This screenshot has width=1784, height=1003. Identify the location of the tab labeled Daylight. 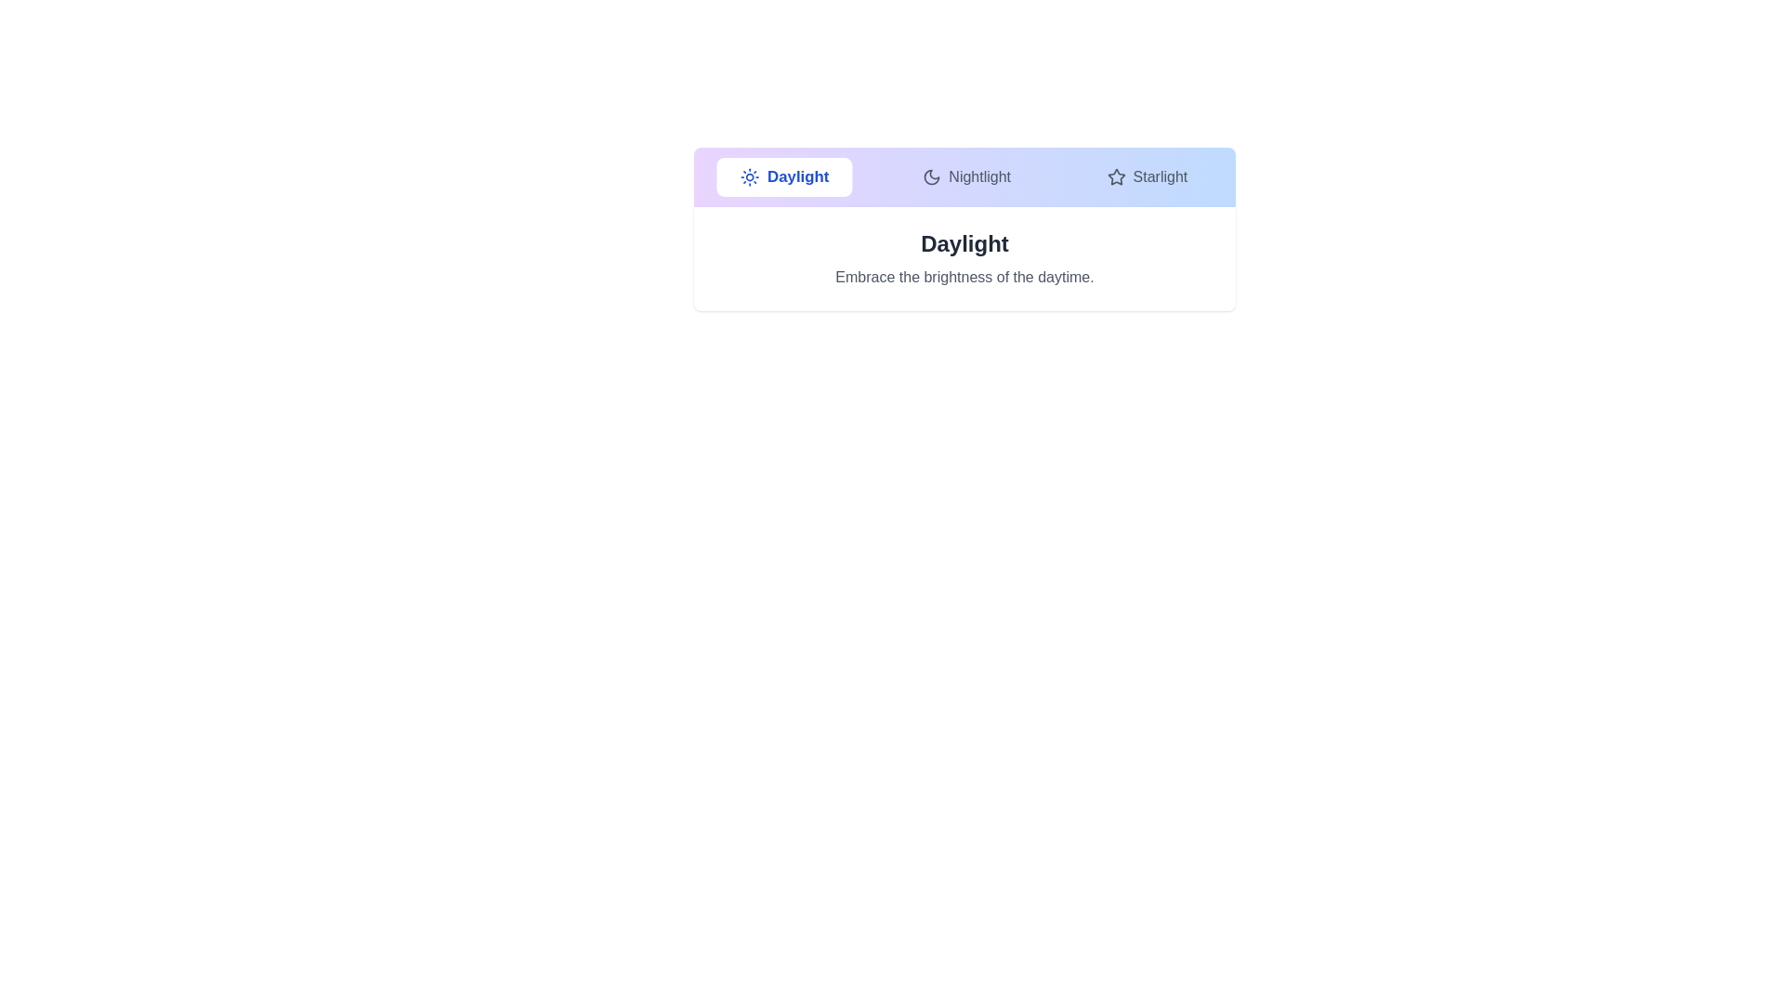
(784, 177).